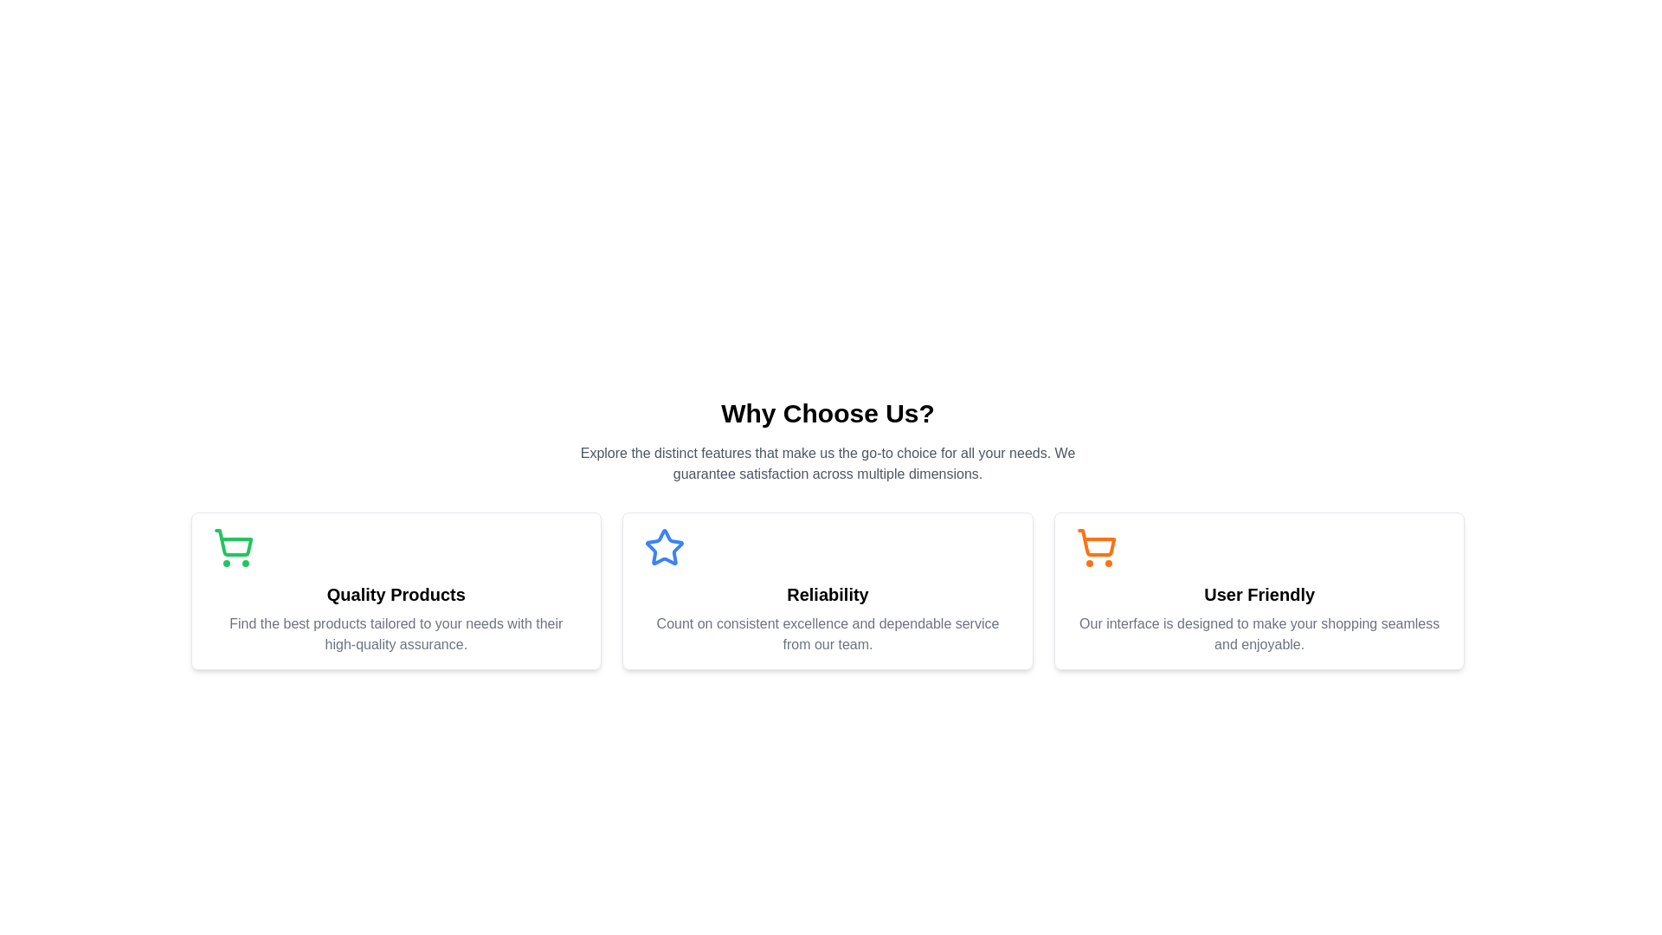 This screenshot has height=935, width=1662. I want to click on the text block that contains the phrase 'Our interface is designed to make your shopping seamless and enjoyable.' which is located at the bottom of the rightmost card and below the 'User Friendly' heading, so click(1259, 634).